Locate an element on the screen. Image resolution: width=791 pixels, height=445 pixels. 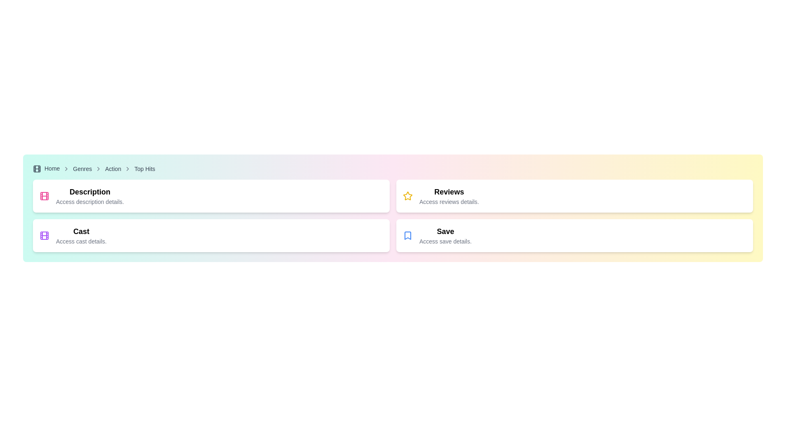
header text element located at the top of the section, which serves as a title for the content below it is located at coordinates (90, 192).